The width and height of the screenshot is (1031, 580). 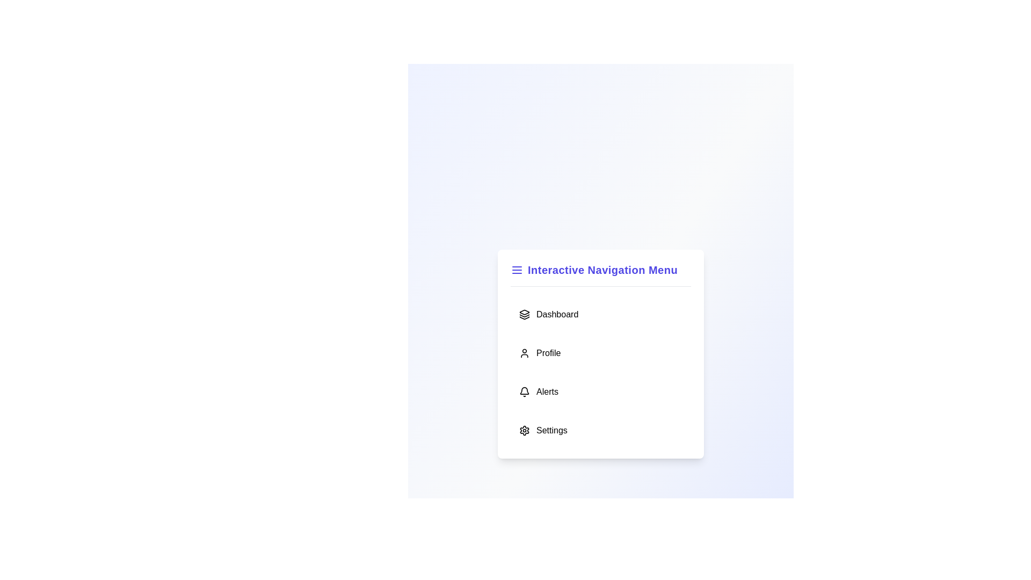 What do you see at coordinates (600, 392) in the screenshot?
I see `the menu item Alerts by clicking on it` at bounding box center [600, 392].